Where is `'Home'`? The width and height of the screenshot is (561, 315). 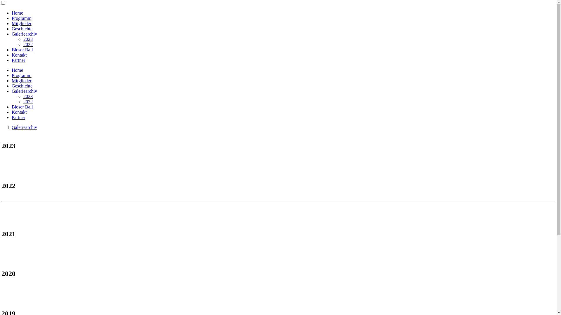 'Home' is located at coordinates (11, 70).